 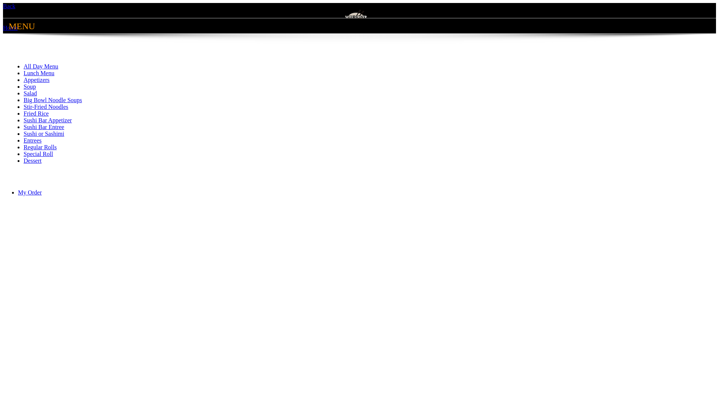 I want to click on 'Sushi Bar Appetizer', so click(x=47, y=120).